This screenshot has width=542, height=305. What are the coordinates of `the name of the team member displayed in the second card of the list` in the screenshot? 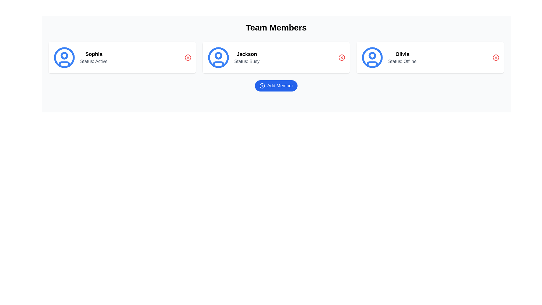 It's located at (276, 58).